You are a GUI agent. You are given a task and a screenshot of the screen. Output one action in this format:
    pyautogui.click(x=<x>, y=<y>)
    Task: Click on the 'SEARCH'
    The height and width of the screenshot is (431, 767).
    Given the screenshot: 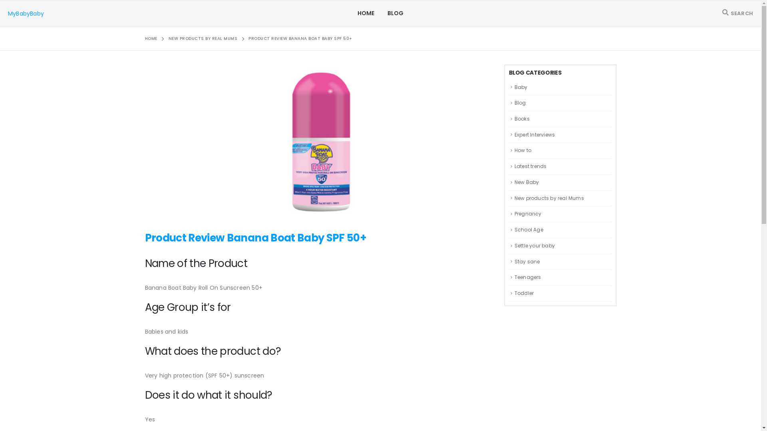 What is the action you would take?
    pyautogui.click(x=737, y=13)
    